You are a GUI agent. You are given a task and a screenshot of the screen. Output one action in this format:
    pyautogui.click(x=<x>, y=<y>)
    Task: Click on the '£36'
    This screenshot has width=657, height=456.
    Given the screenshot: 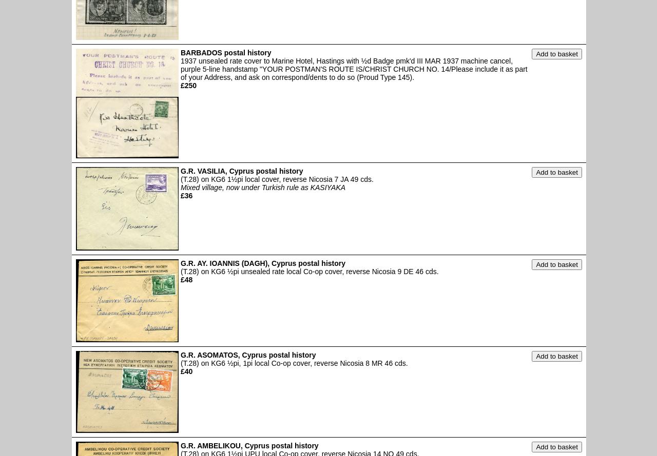 What is the action you would take?
    pyautogui.click(x=186, y=195)
    